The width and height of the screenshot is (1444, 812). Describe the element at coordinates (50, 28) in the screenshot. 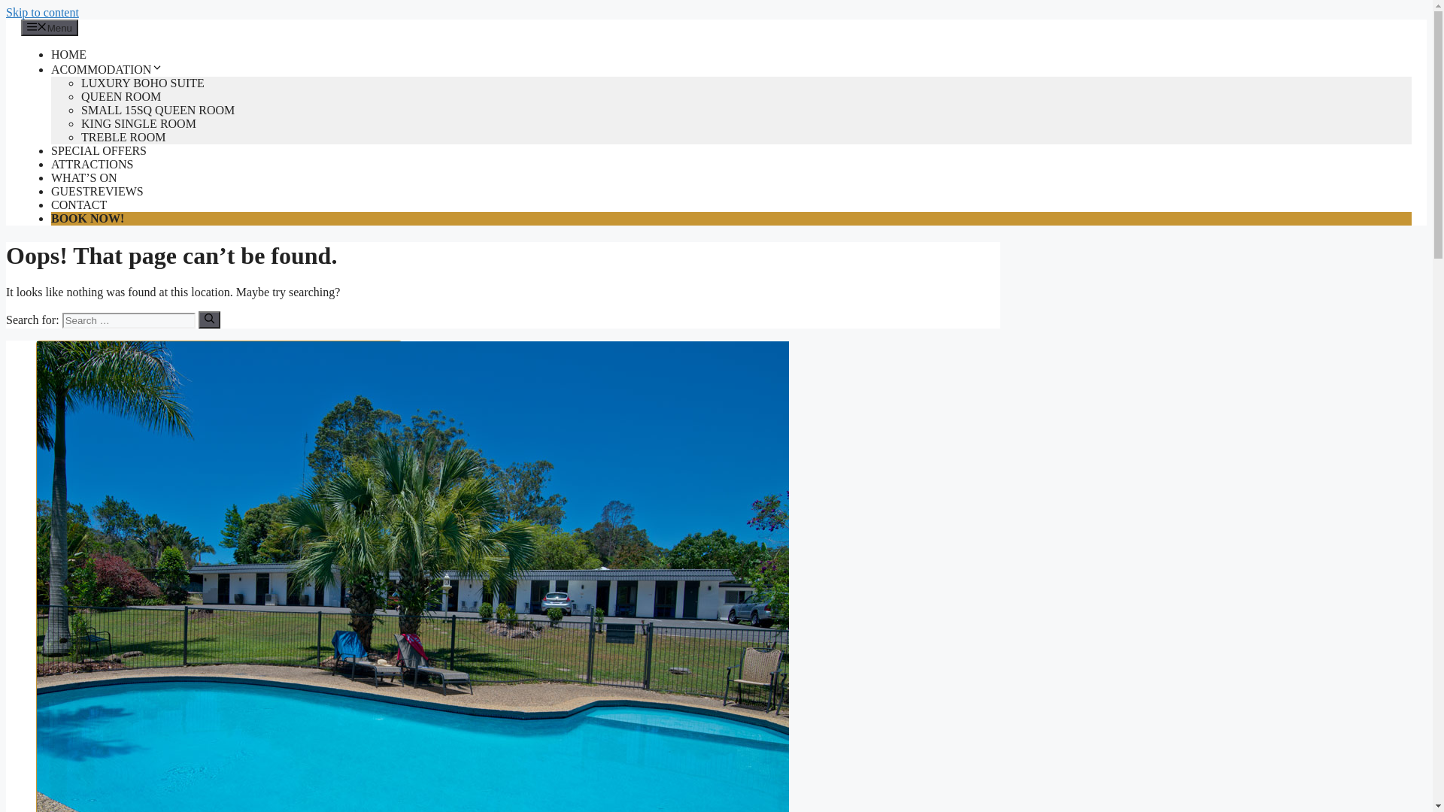

I see `'Menu'` at that location.